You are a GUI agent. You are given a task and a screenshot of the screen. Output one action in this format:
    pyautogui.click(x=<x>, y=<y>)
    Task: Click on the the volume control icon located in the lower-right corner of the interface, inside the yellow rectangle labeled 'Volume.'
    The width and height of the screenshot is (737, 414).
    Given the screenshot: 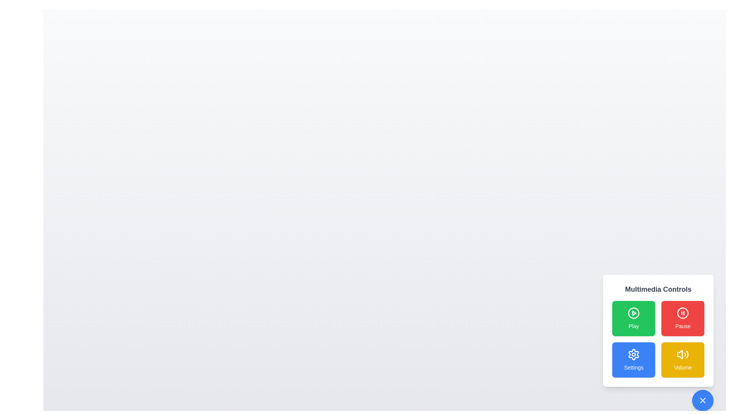 What is the action you would take?
    pyautogui.click(x=683, y=355)
    